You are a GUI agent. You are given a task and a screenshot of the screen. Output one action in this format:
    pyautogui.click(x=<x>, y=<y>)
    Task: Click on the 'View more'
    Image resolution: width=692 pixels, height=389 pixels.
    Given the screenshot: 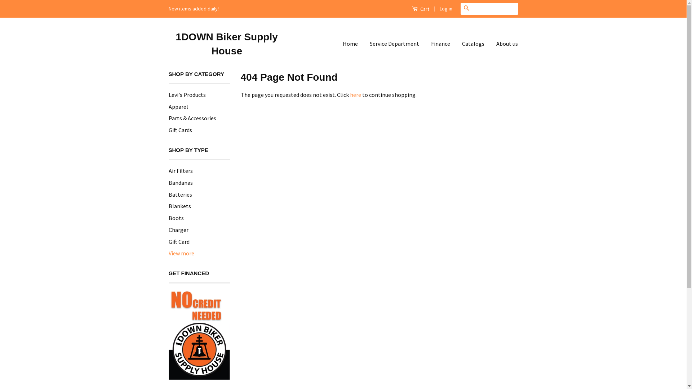 What is the action you would take?
    pyautogui.click(x=181, y=253)
    